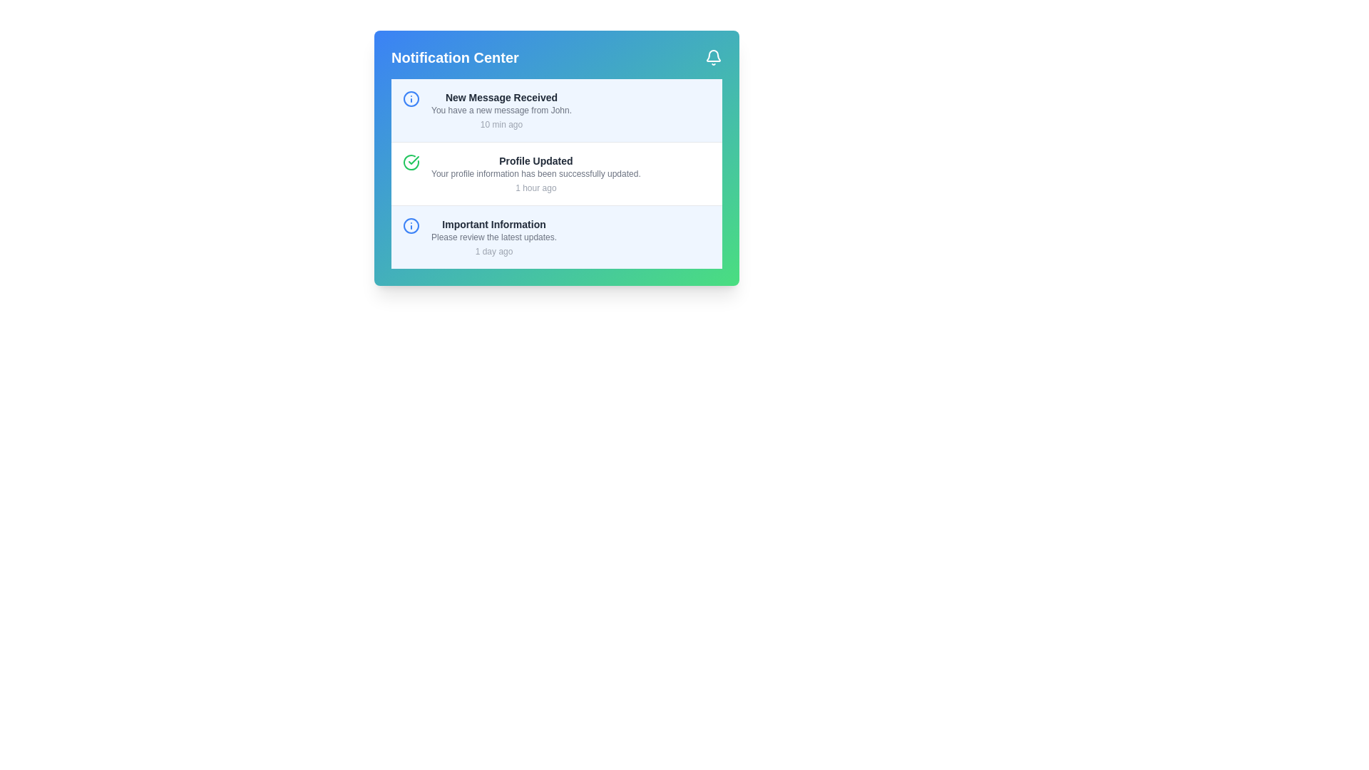  What do you see at coordinates (410, 161) in the screenshot?
I see `the green circle icon with a white checkmark that indicates success, located to the left of the text 'Profile Updated' in the notification block` at bounding box center [410, 161].